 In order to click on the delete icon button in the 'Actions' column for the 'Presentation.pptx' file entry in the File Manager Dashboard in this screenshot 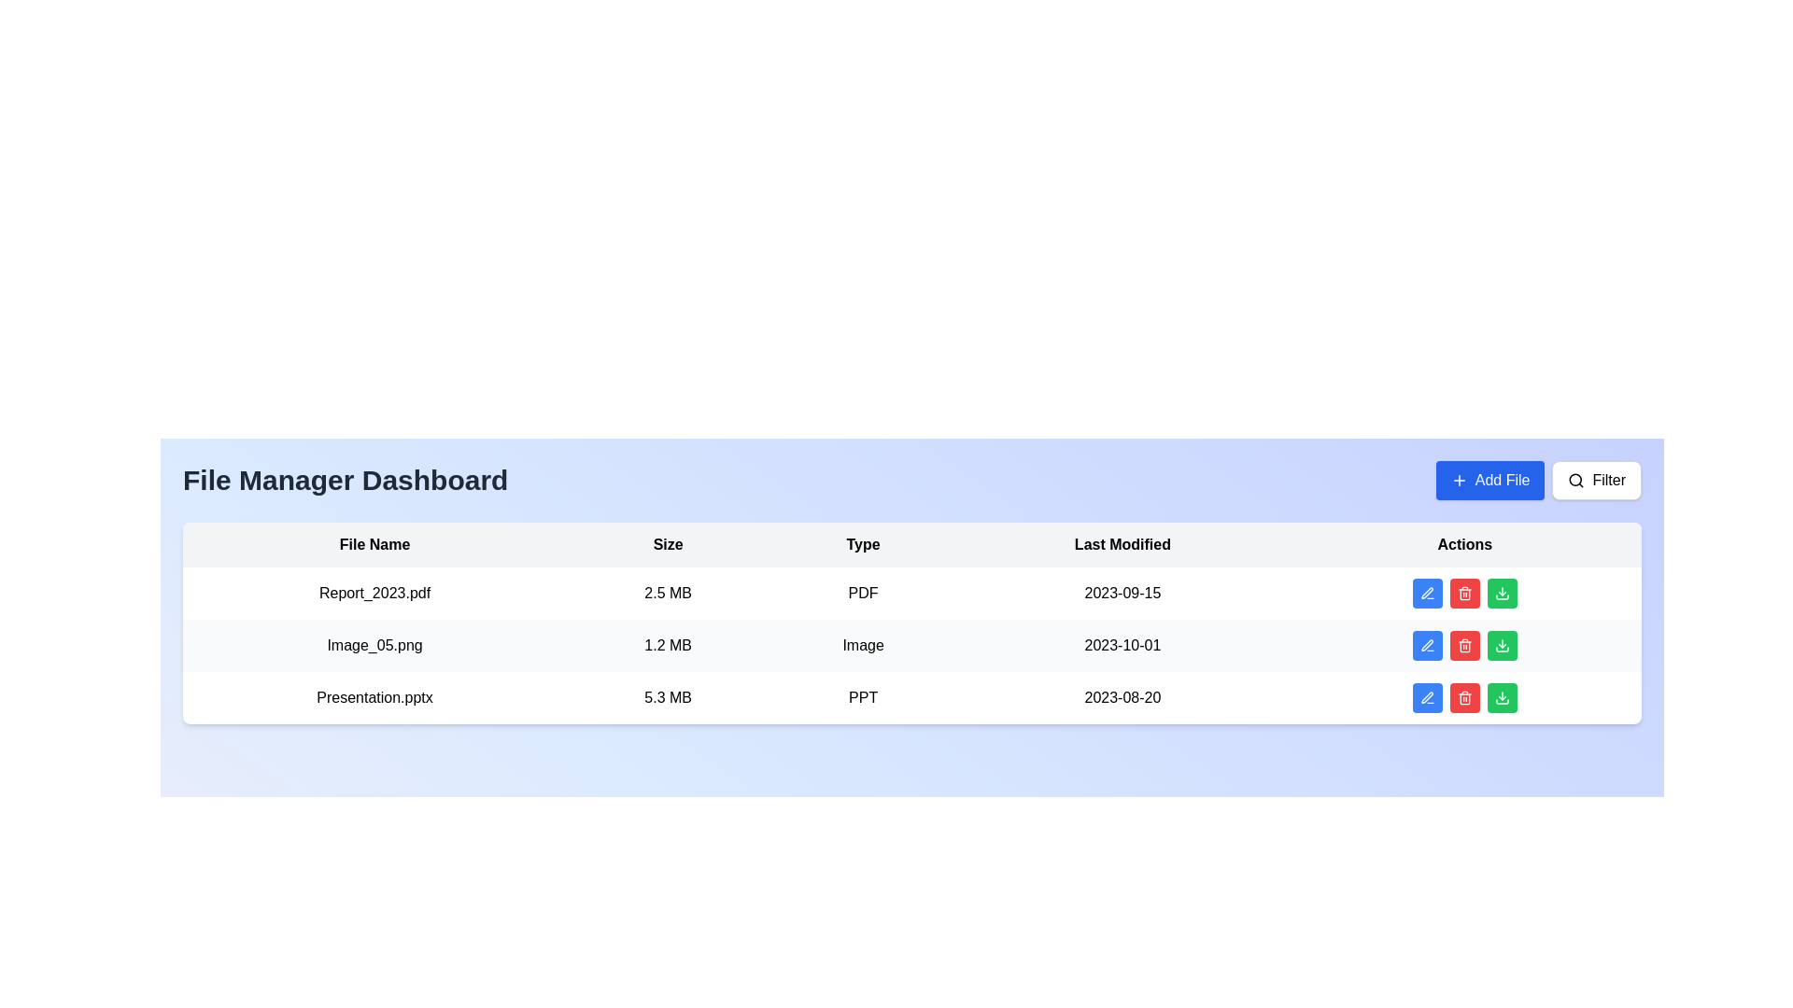, I will do `click(1463, 698)`.